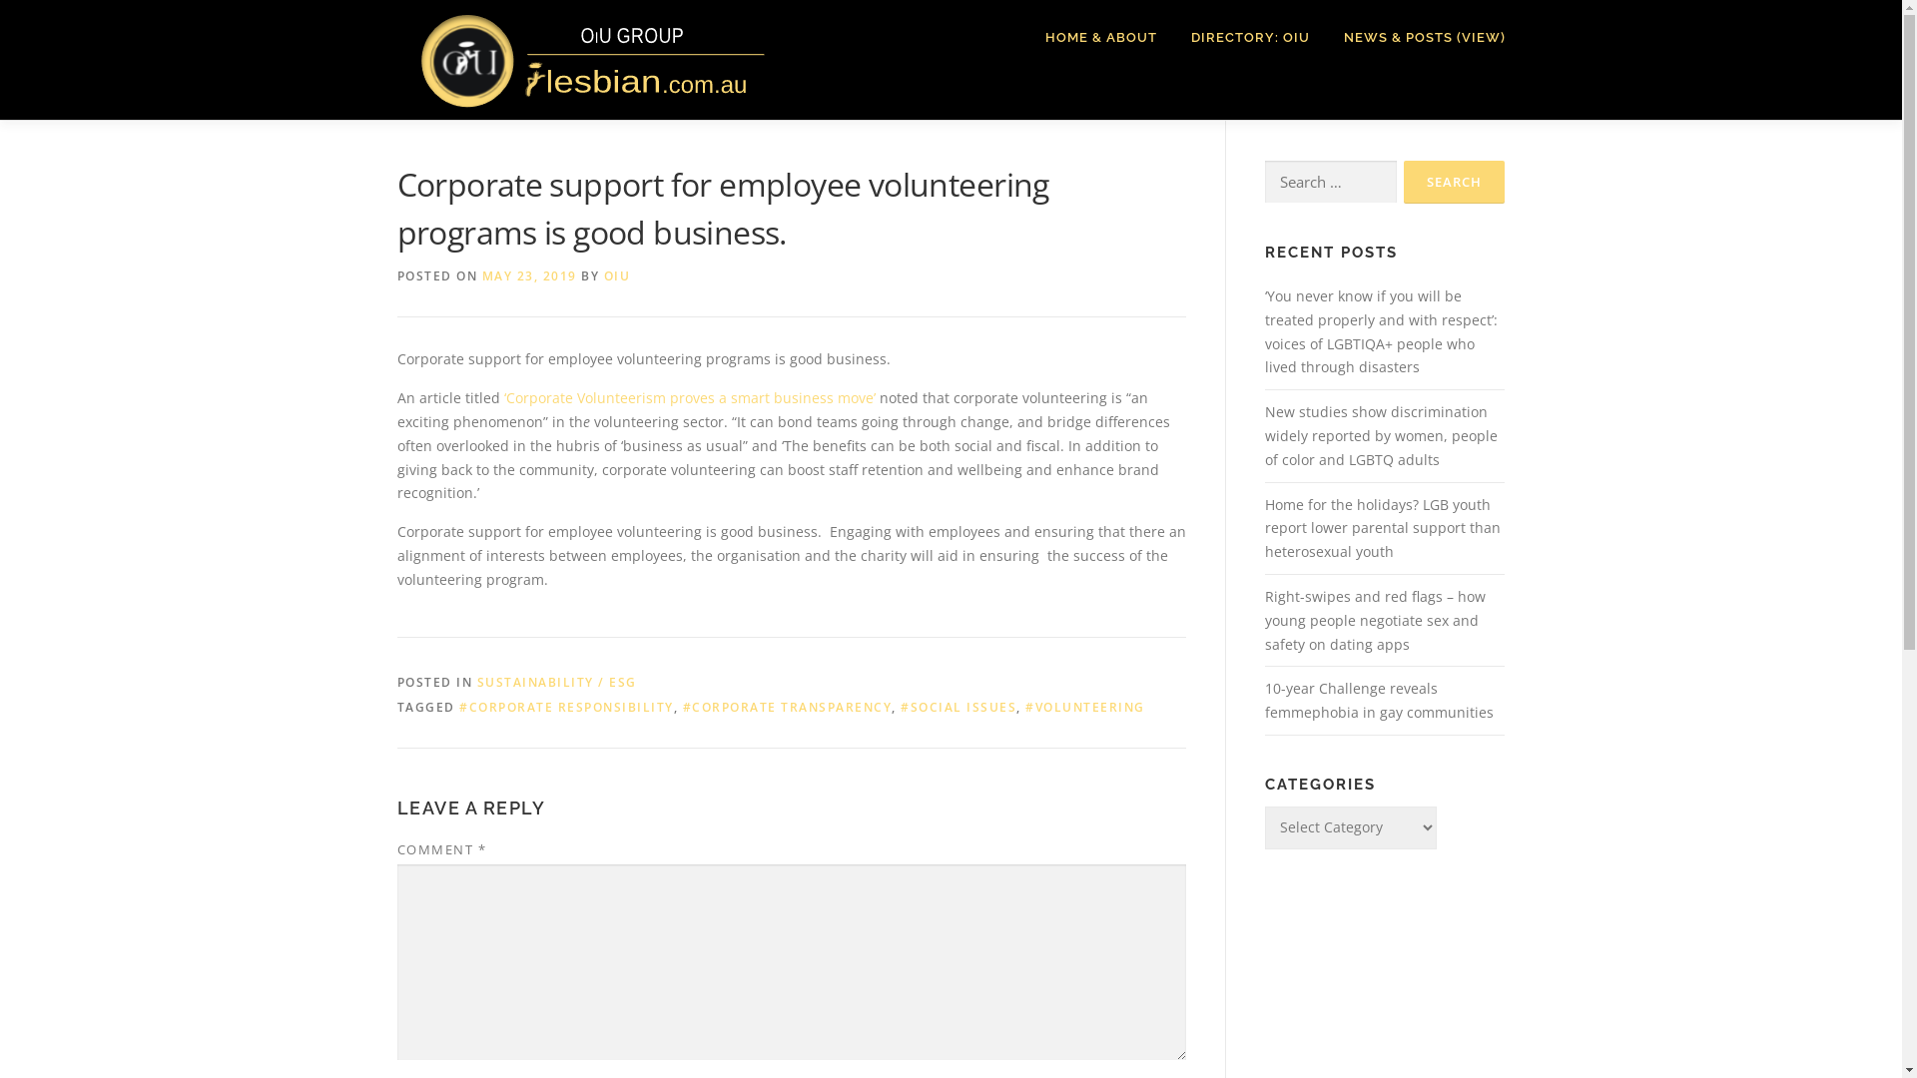  Describe the element at coordinates (1083, 706) in the screenshot. I see `'#VOLUNTEERING'` at that location.